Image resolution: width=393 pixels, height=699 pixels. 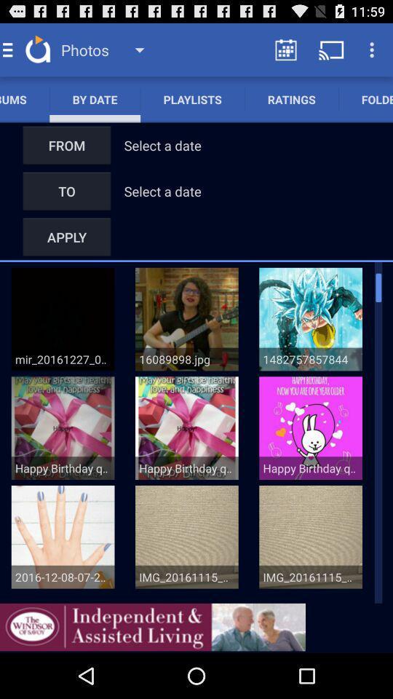 I want to click on advertisement, so click(x=152, y=626).